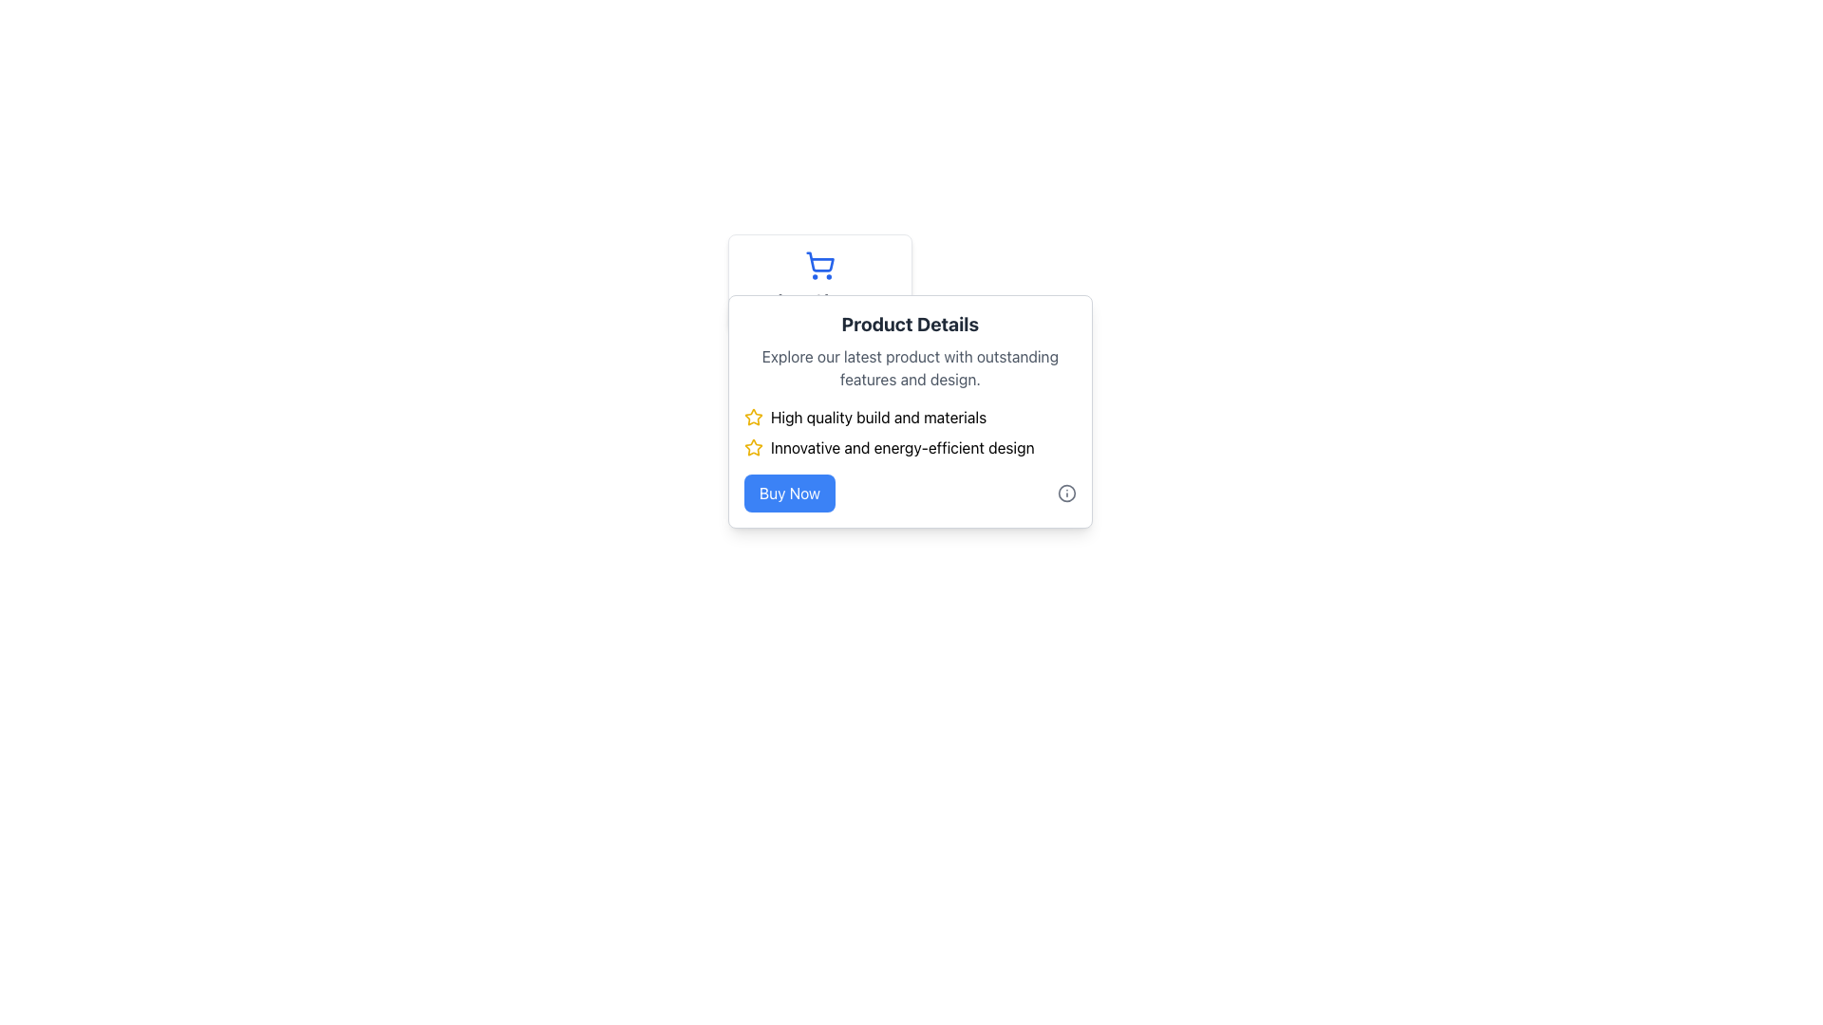  I want to click on the shopping cart icon, which is a minimalistic blue outline icon located at the top of the 'Product Showcase' card, above the bold title text, so click(820, 266).